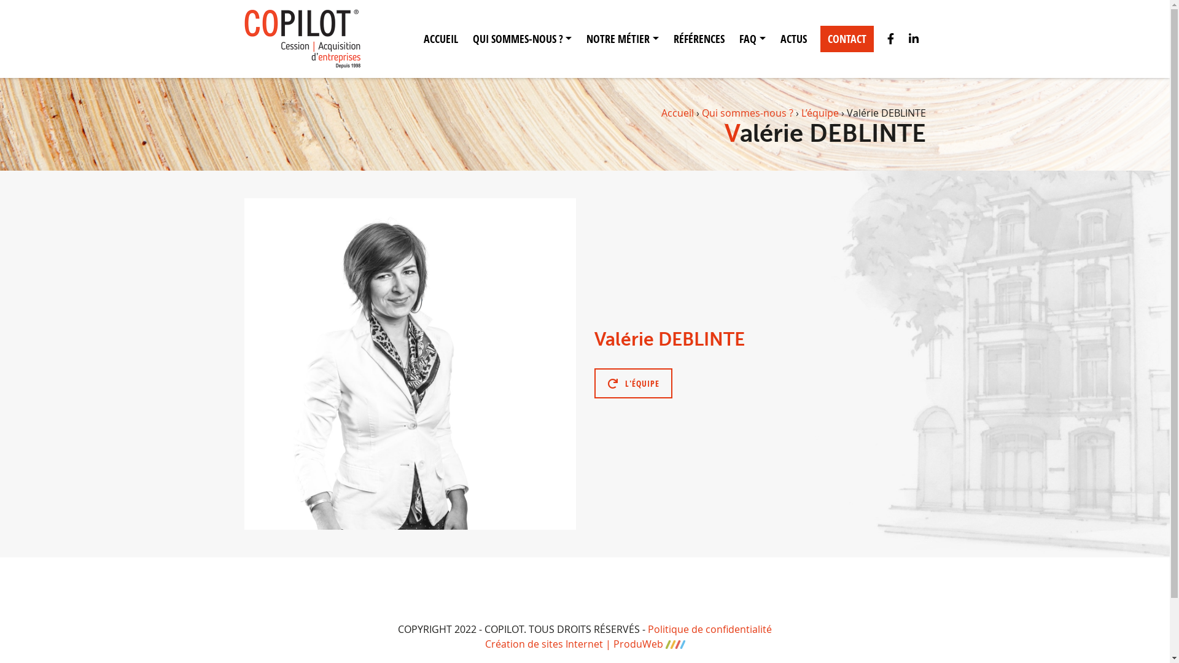  What do you see at coordinates (752, 38) in the screenshot?
I see `'FAQ'` at bounding box center [752, 38].